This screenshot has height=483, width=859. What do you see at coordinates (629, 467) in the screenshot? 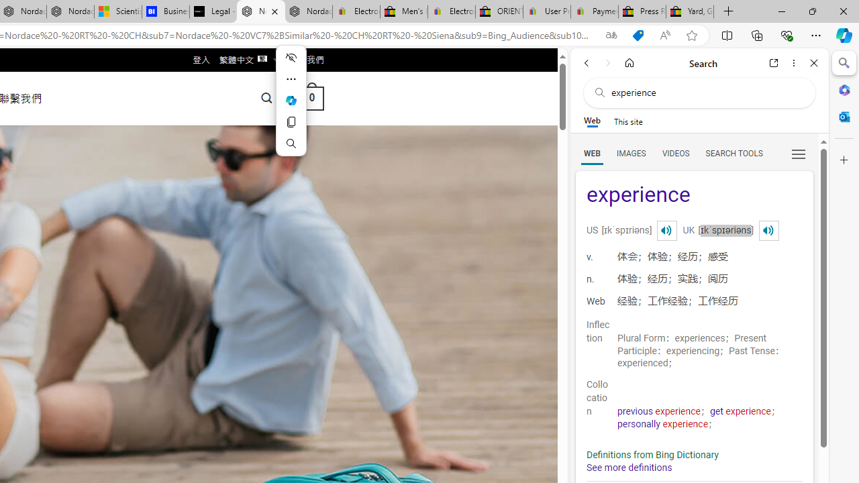
I see `'See more definitions'` at bounding box center [629, 467].